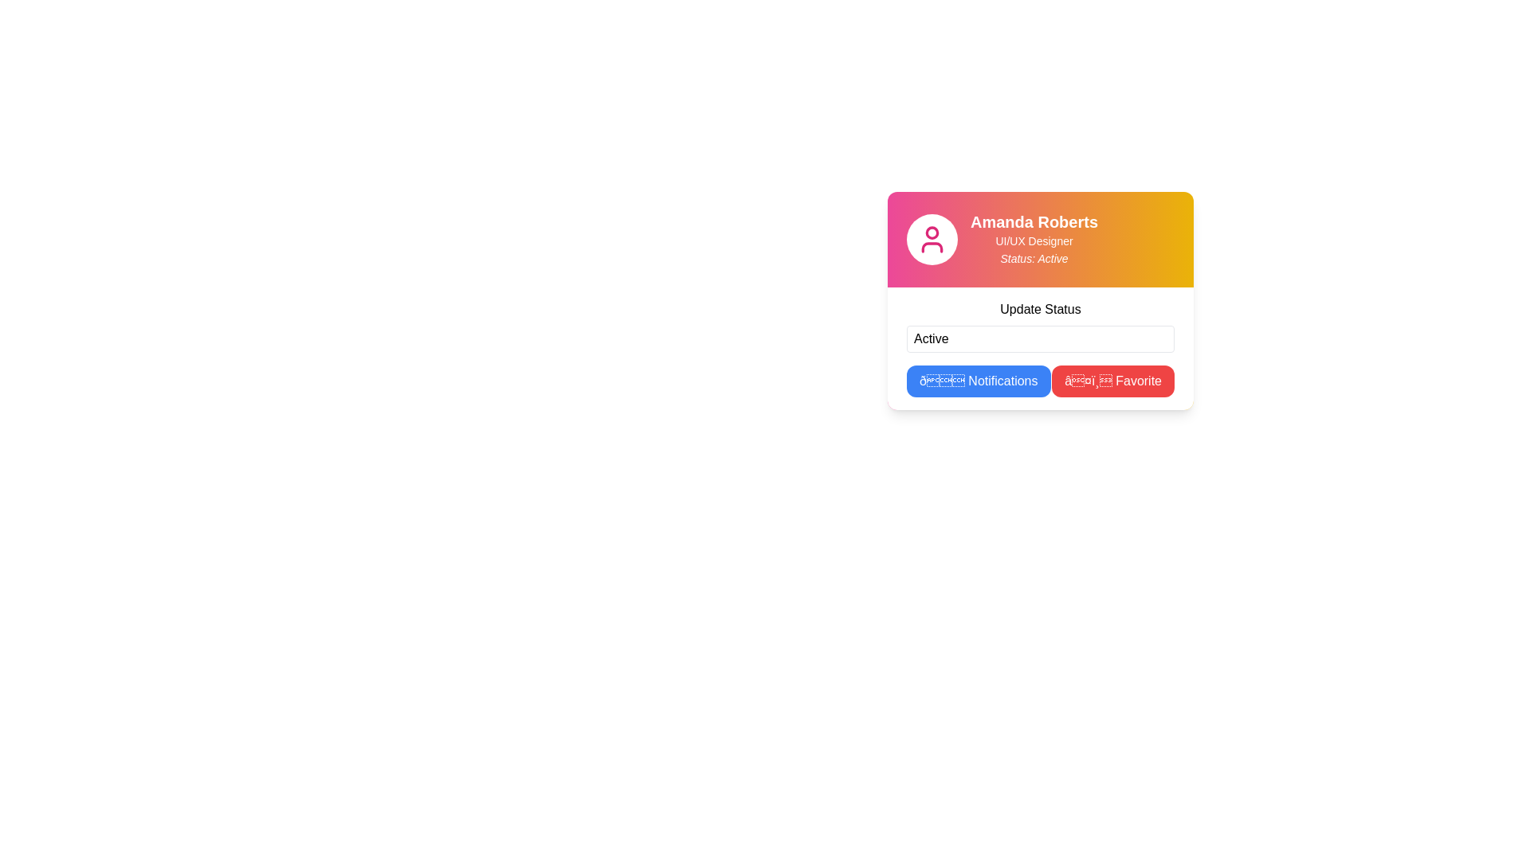  Describe the element at coordinates (1034, 239) in the screenshot. I see `the textual information display component that shows 'Amanda Roberts', 'UI/UX Designer', and 'Status: Active' to retrieve additional information` at that location.